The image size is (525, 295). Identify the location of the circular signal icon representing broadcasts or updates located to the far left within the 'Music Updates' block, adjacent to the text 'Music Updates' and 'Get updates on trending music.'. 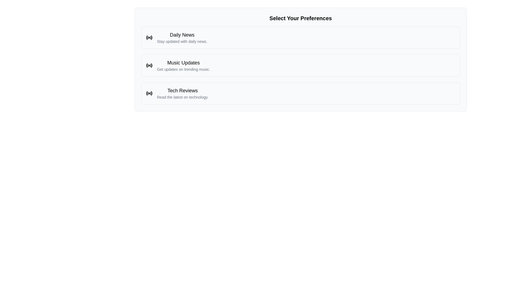
(149, 65).